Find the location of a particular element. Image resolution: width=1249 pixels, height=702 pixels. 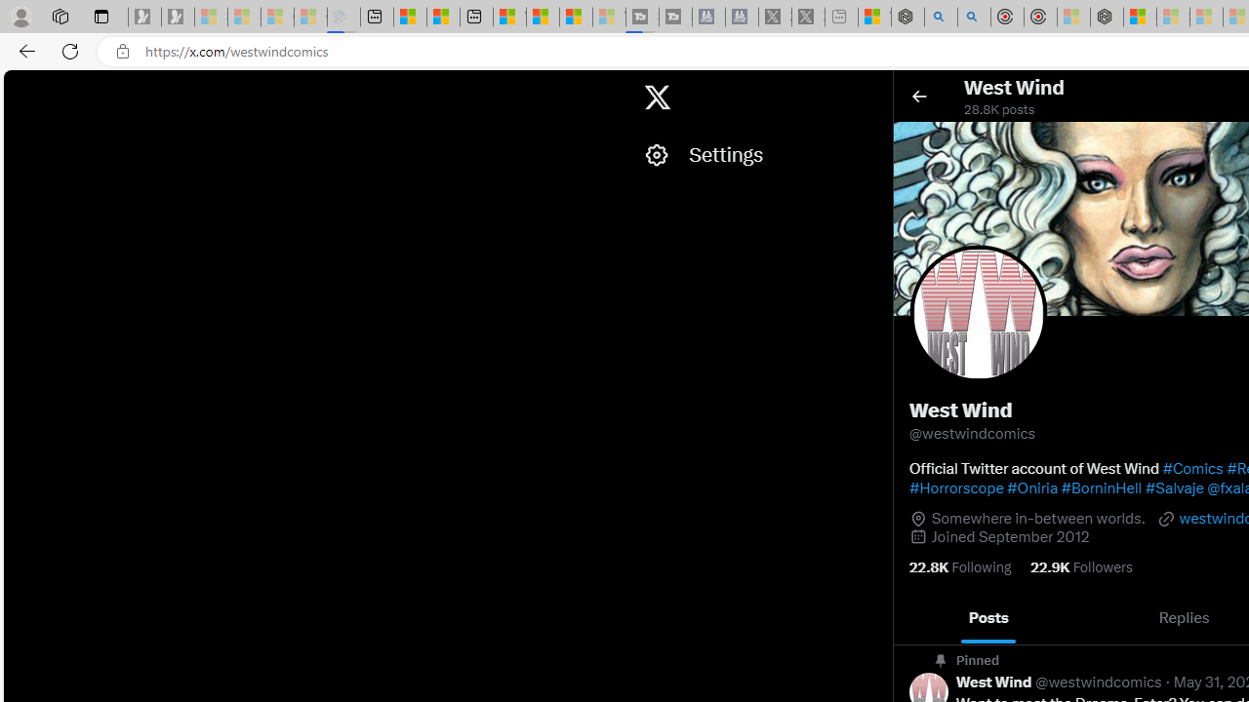

'22.9K Followers' is located at coordinates (1080, 567).